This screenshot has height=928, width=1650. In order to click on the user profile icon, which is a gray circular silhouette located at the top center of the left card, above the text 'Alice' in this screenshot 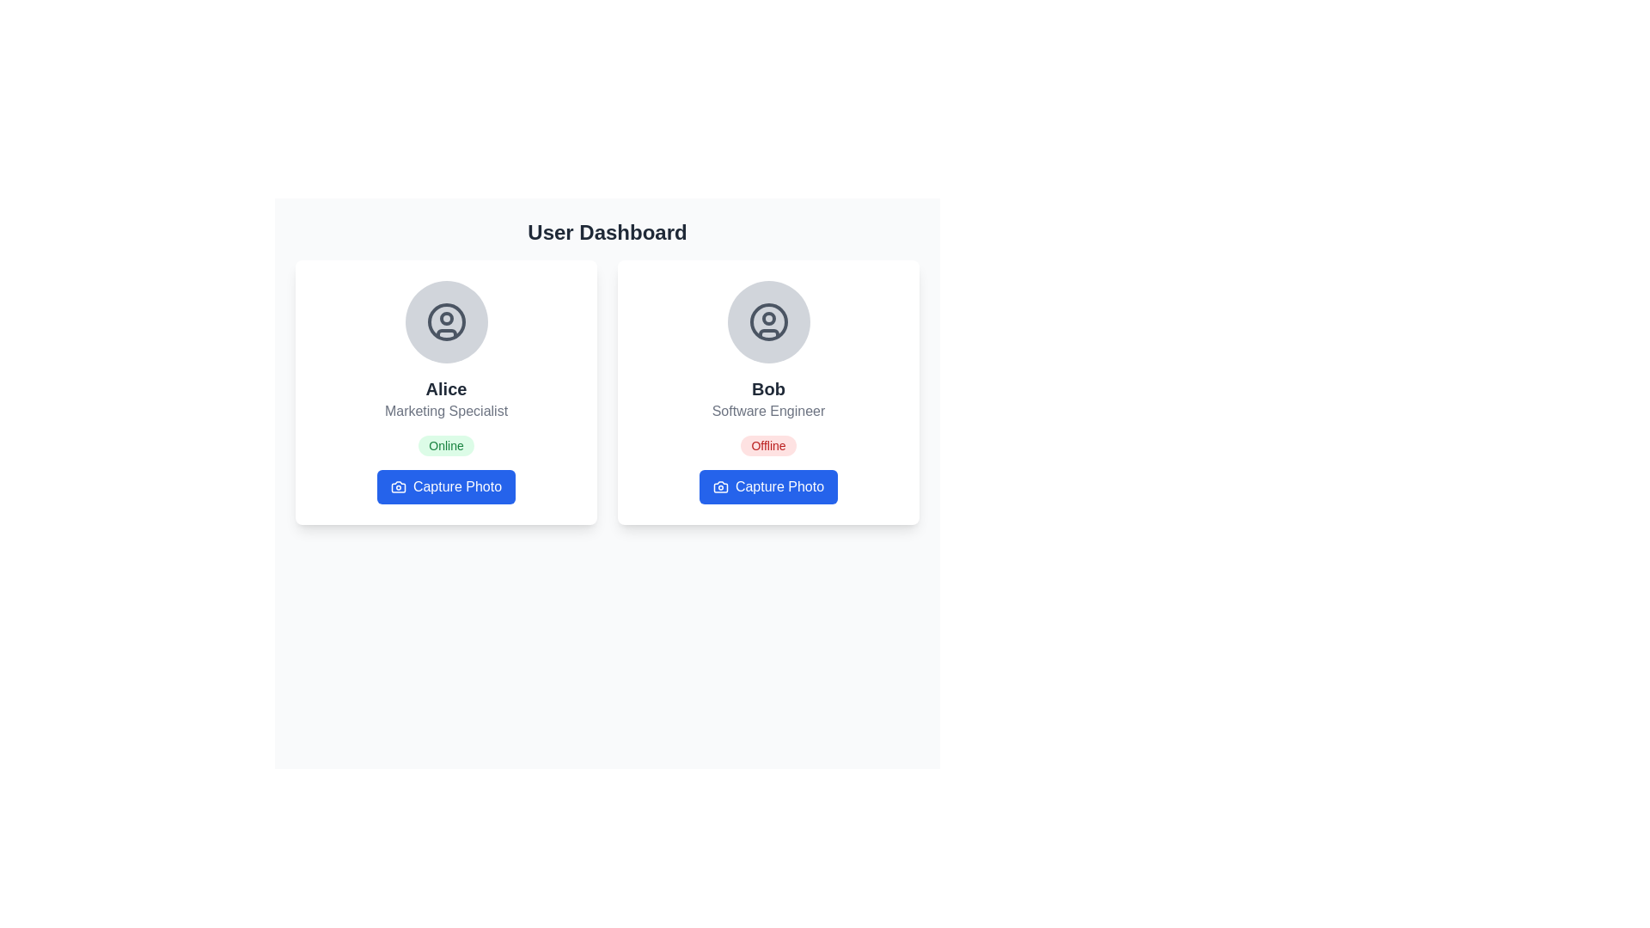, I will do `click(446, 321)`.